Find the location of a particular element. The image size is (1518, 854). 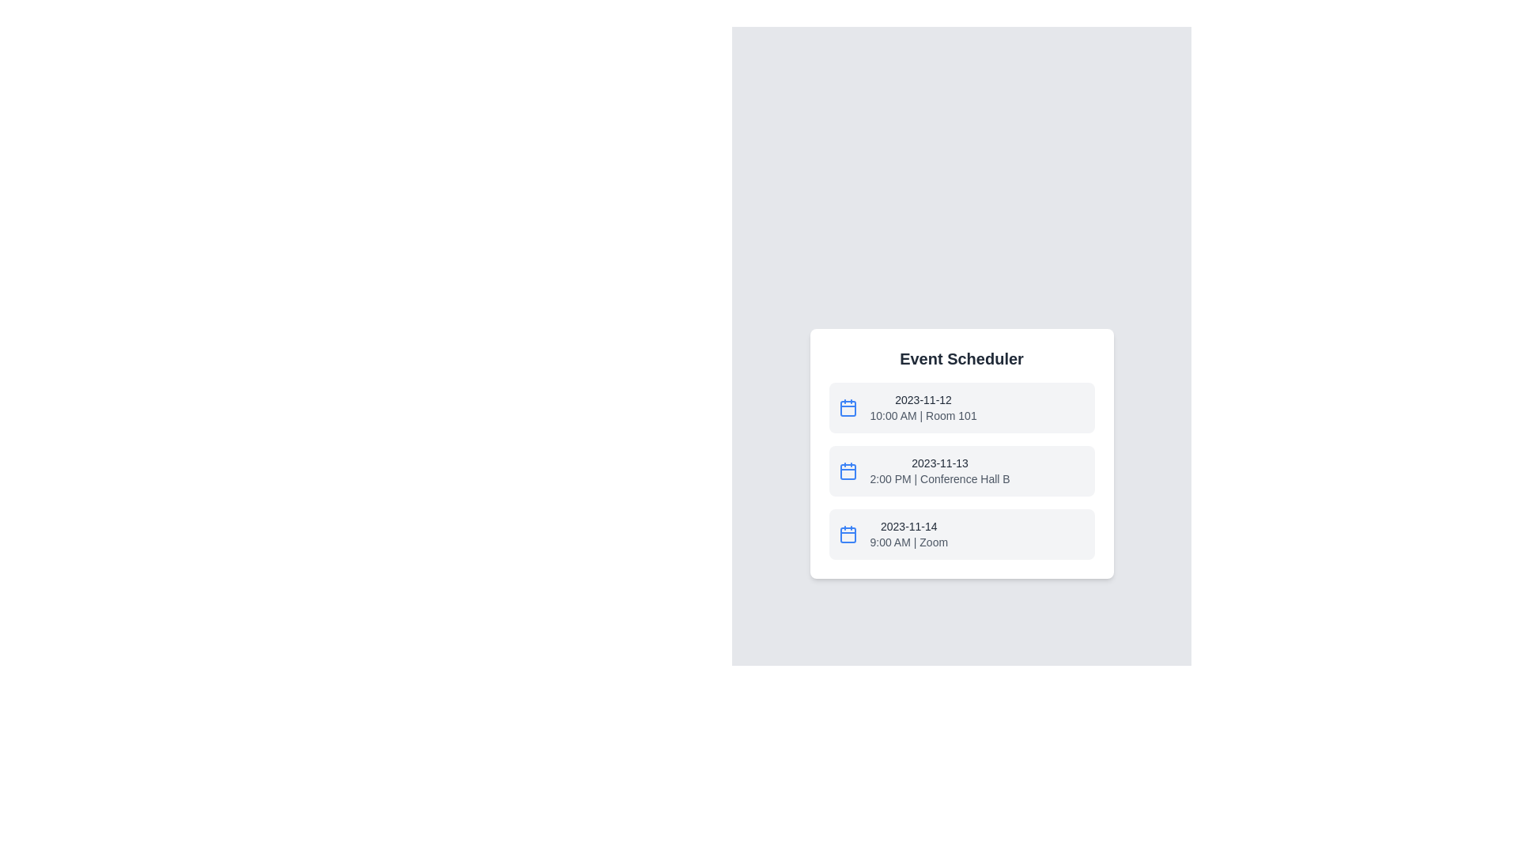

the calendar icon constituent (SVG shape) located at the left-hand side of the first listing row in a vertical list, which visually conveys a calendar-like style is located at coordinates (847, 407).